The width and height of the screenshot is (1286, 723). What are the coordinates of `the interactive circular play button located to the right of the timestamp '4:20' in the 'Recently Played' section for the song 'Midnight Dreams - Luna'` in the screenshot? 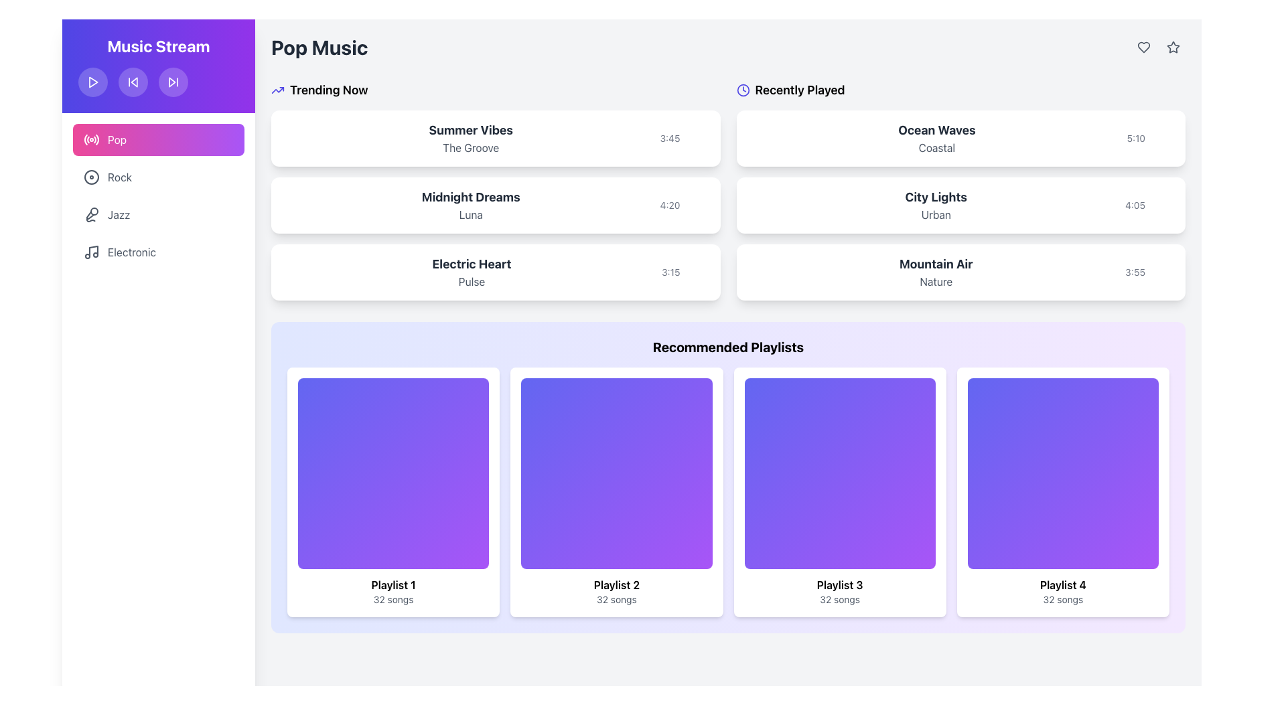 It's located at (685, 206).